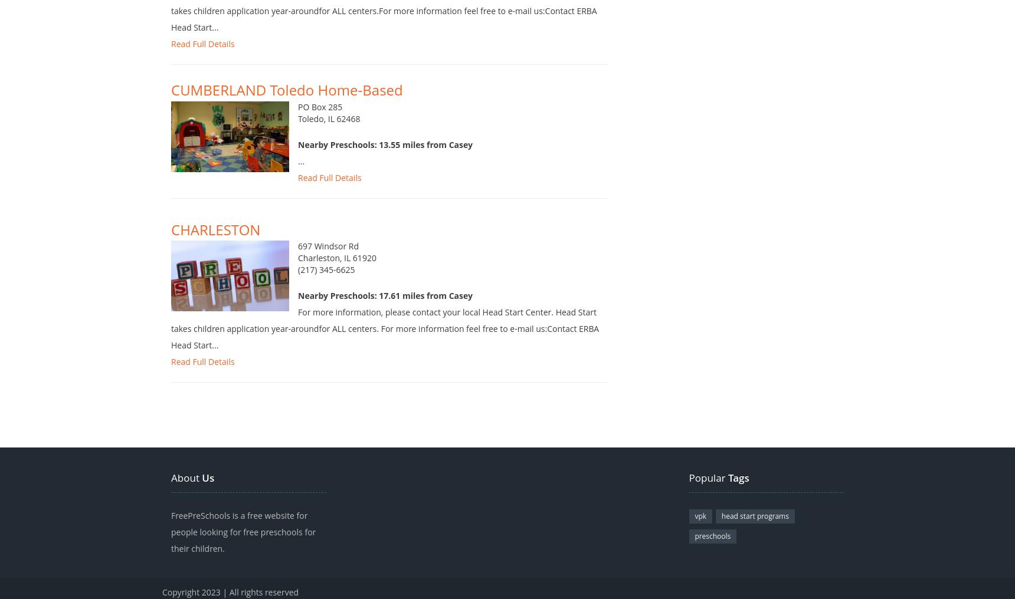 This screenshot has width=1015, height=599. What do you see at coordinates (329, 131) in the screenshot?
I see `'Toledo, IL 62468'` at bounding box center [329, 131].